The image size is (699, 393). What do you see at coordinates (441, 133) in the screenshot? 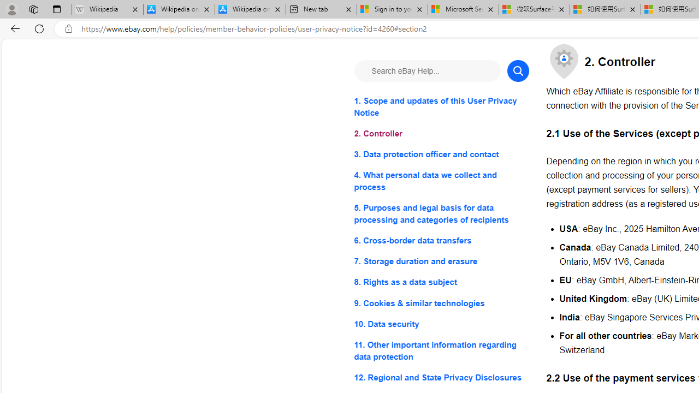
I see `'2. Controller'` at bounding box center [441, 133].